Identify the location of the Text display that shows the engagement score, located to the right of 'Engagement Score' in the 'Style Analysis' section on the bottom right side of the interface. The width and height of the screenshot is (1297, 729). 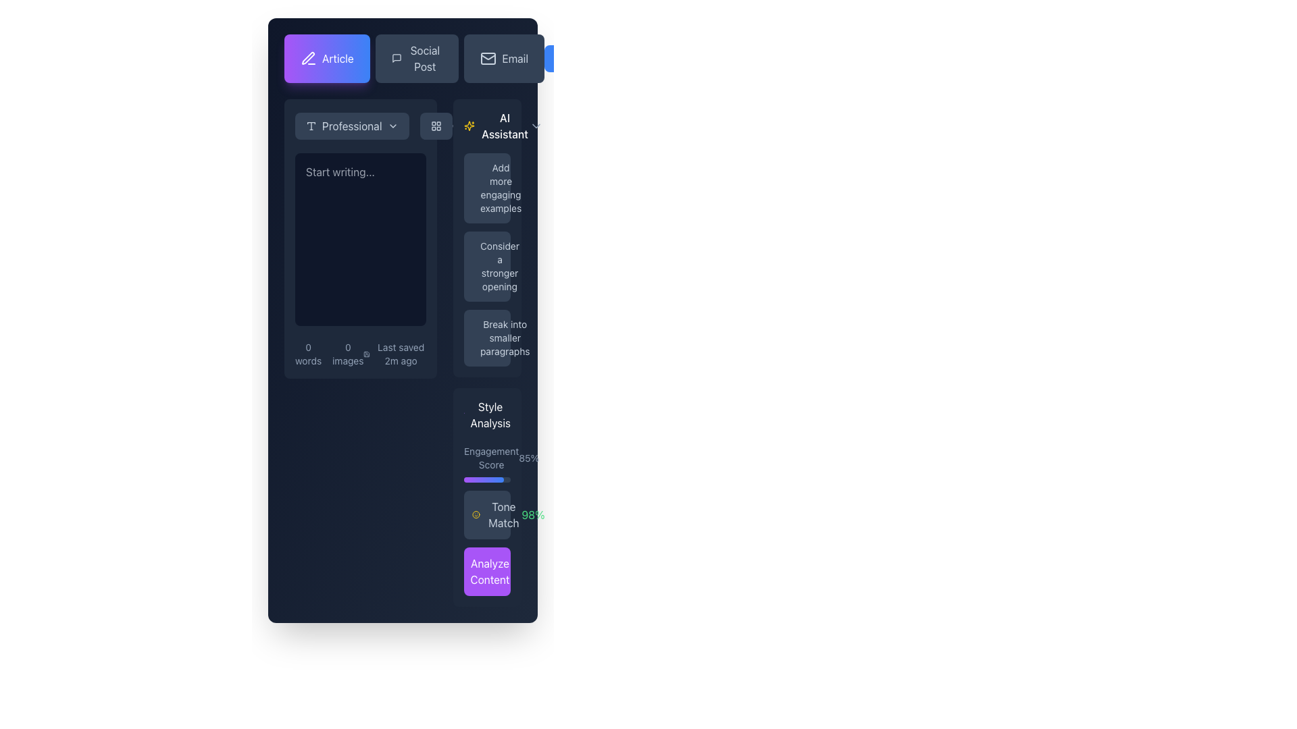
(528, 457).